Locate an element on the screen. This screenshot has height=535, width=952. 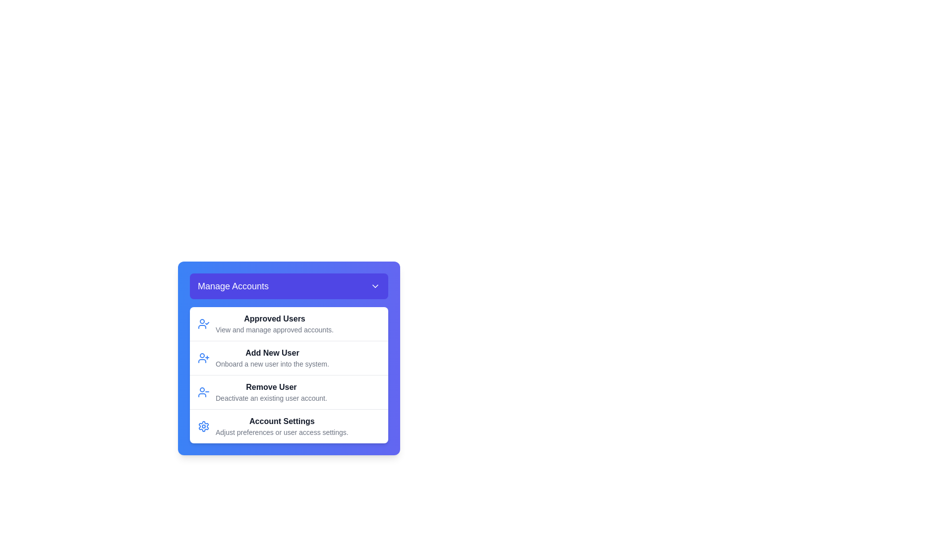
text of the 'Remove User' label, which includes the title 'Remove User' and the subtitle 'Deactivate an existing user account.' This label is located in the third row of the 'Manage Accounts' card is located at coordinates (271, 391).